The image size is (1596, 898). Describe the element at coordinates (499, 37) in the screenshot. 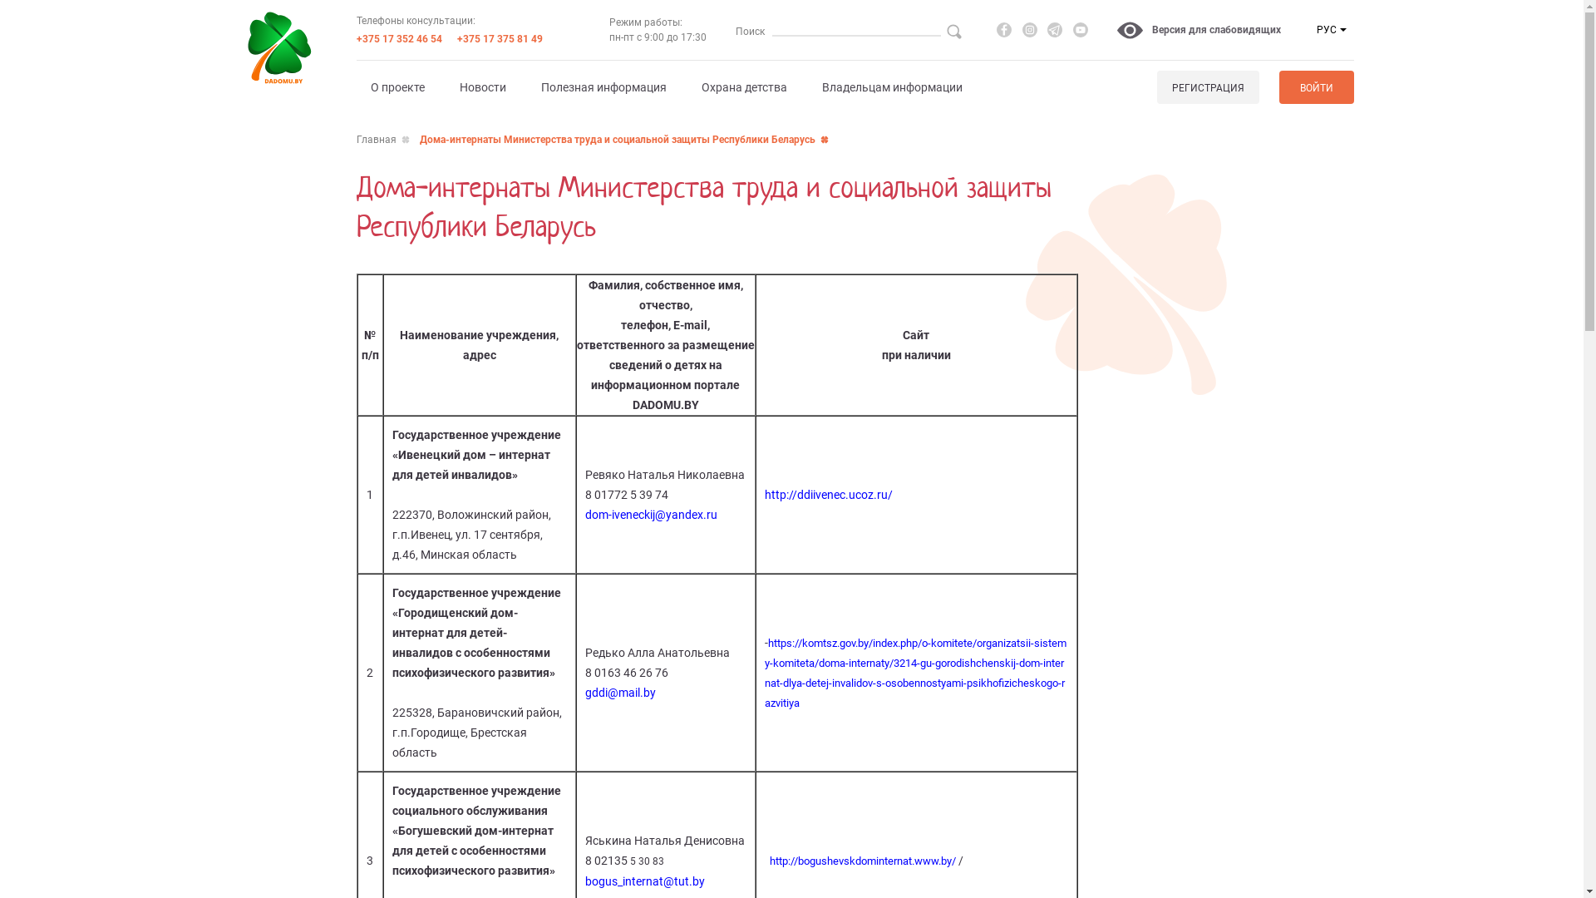

I see `'+375 17 375 81 49'` at that location.